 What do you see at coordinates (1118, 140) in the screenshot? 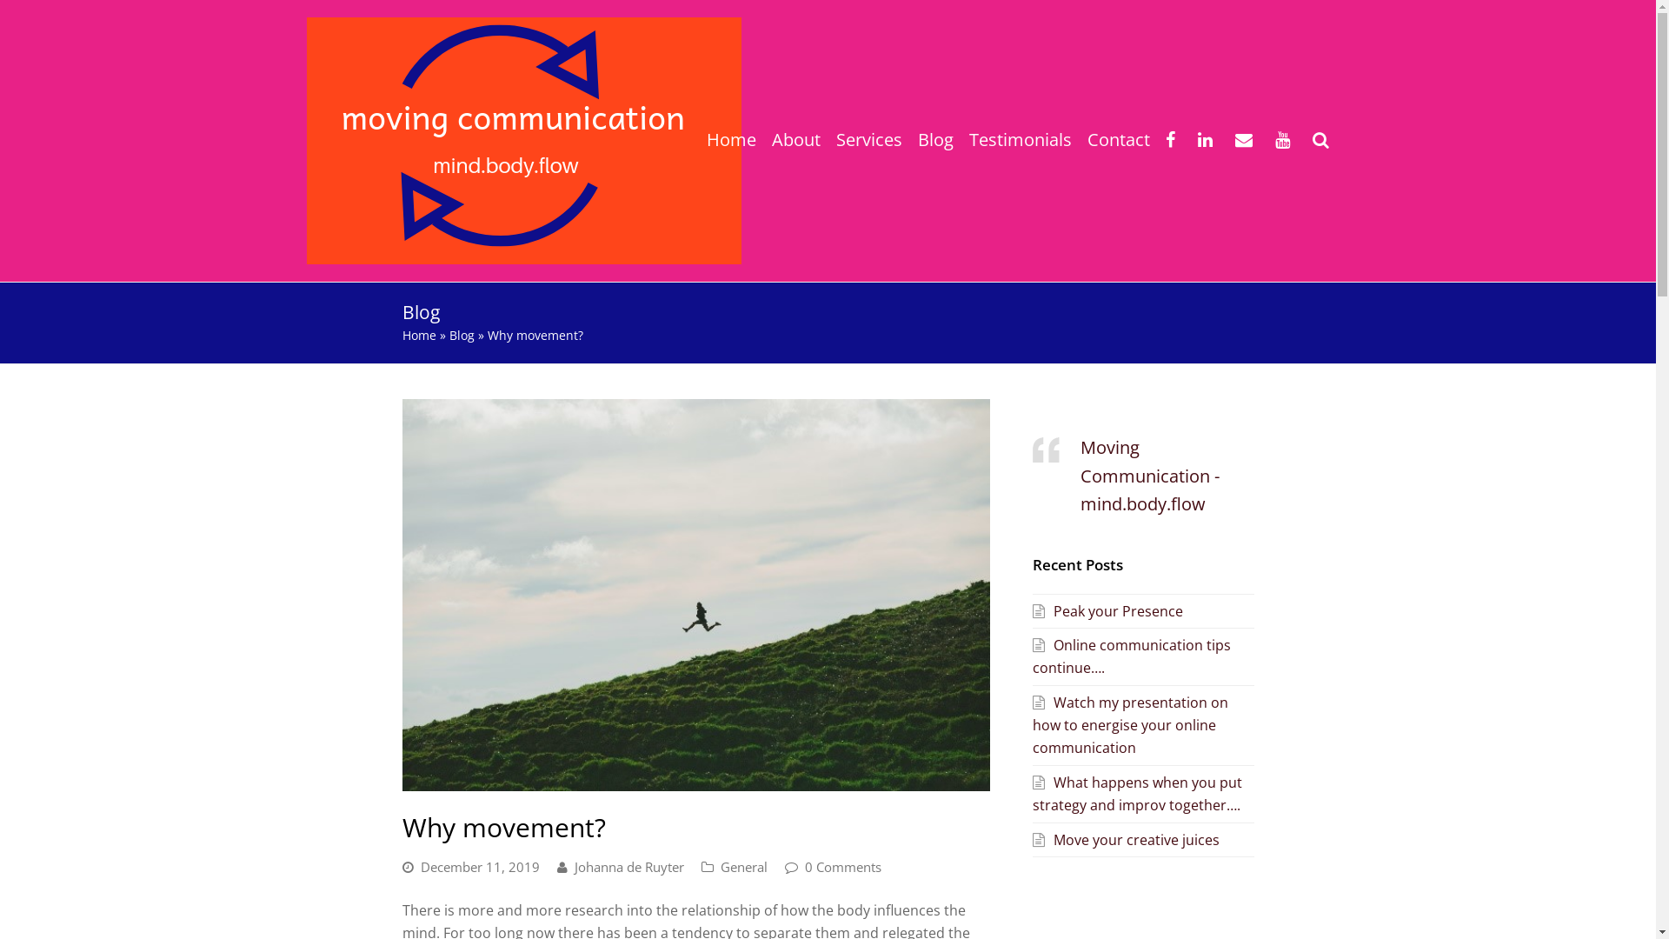
I see `'Contact'` at bounding box center [1118, 140].